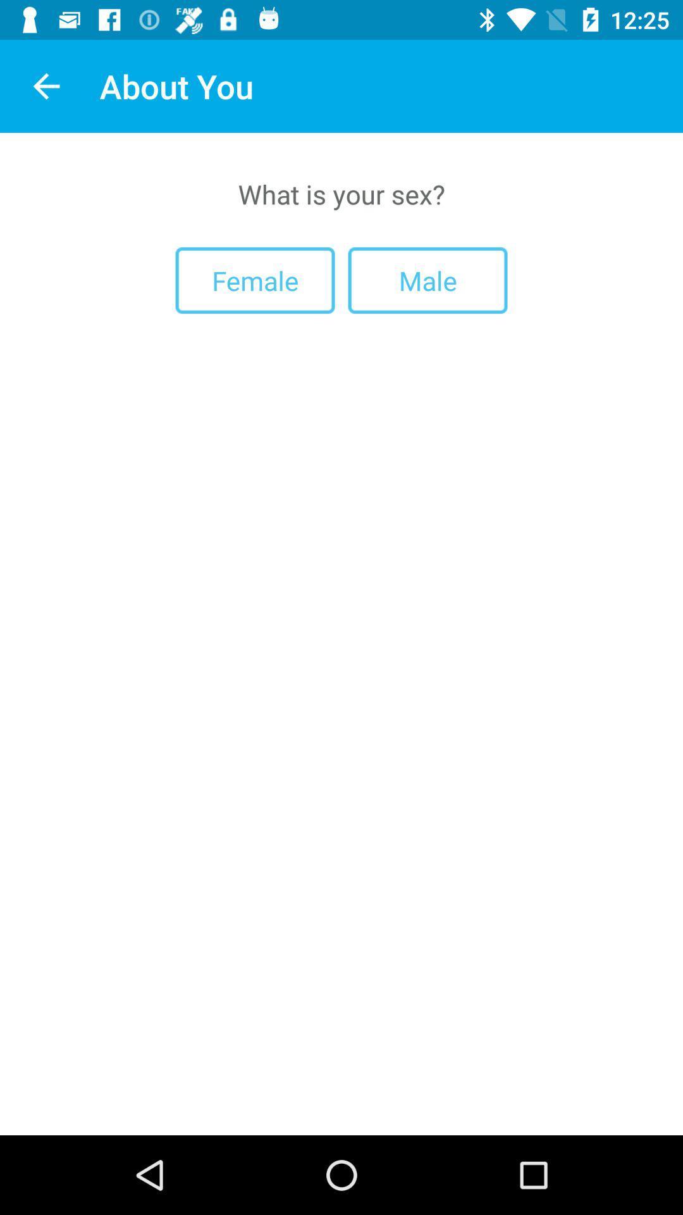  What do you see at coordinates (255, 280) in the screenshot?
I see `the item next to male item` at bounding box center [255, 280].